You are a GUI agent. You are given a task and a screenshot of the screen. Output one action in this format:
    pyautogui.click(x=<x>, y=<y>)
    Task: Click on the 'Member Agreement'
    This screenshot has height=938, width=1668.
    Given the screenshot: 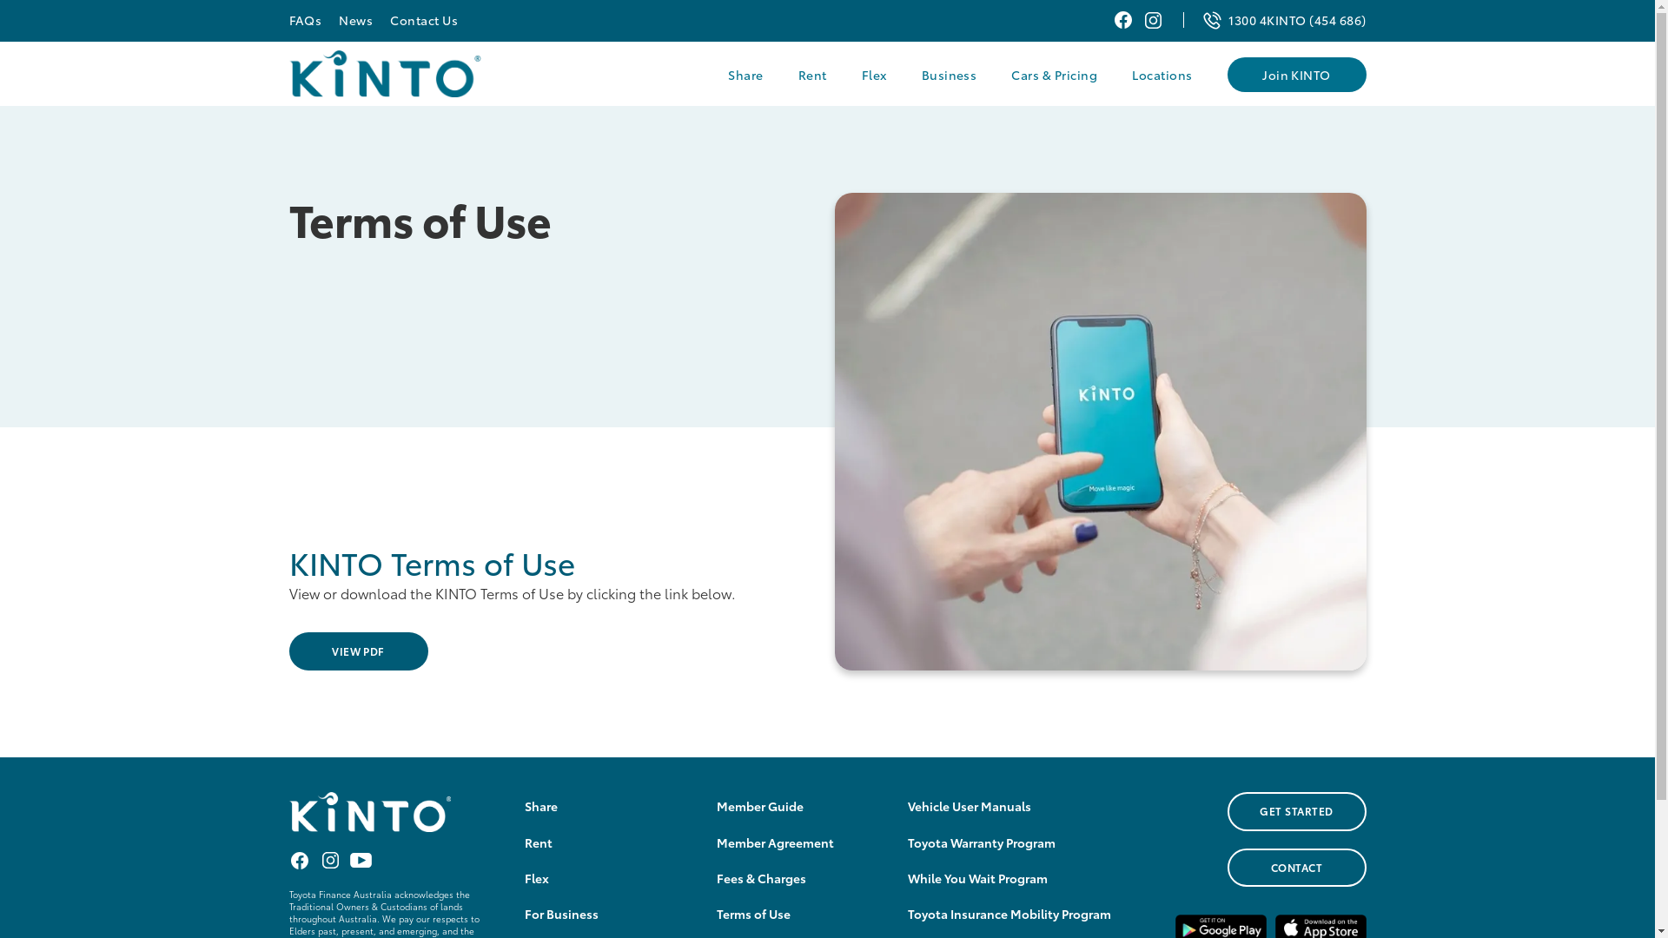 What is the action you would take?
    pyautogui.click(x=717, y=841)
    